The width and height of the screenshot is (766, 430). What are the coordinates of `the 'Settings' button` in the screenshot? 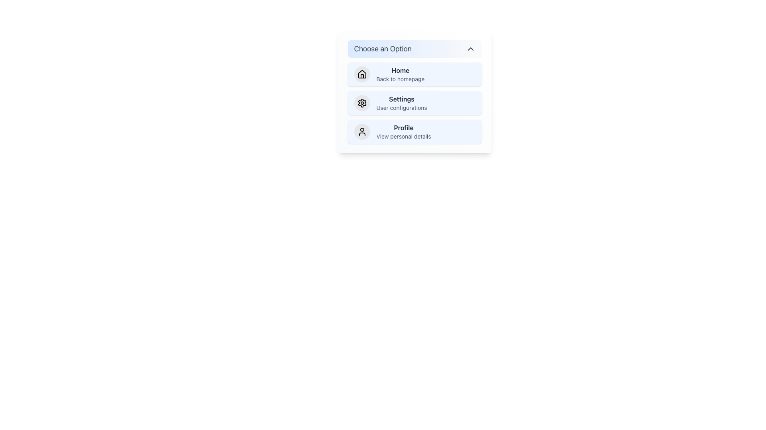 It's located at (415, 102).